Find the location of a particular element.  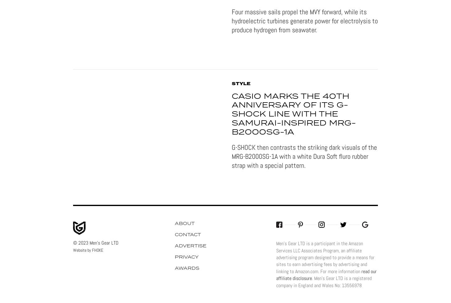

'About' is located at coordinates (184, 223).